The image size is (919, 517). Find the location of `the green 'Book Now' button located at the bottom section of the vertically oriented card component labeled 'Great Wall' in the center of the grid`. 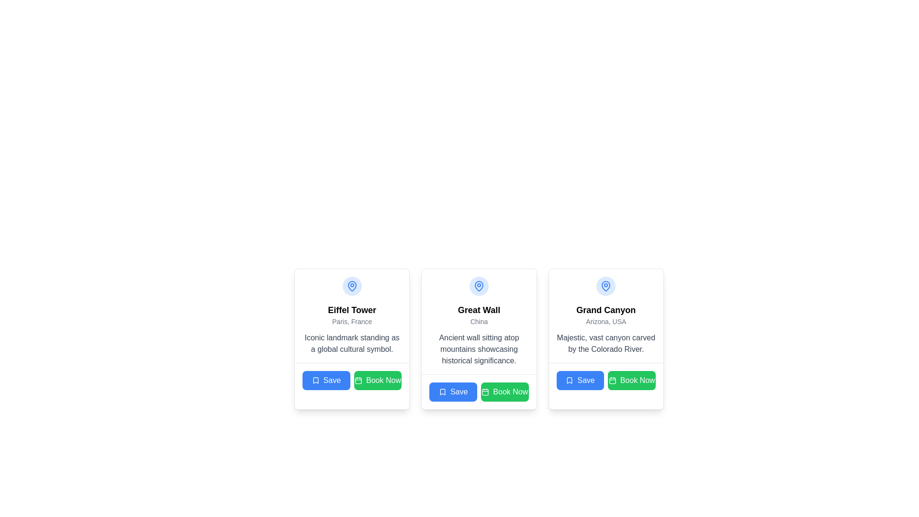

the green 'Book Now' button located at the bottom section of the vertically oriented card component labeled 'Great Wall' in the center of the grid is located at coordinates (479, 366).